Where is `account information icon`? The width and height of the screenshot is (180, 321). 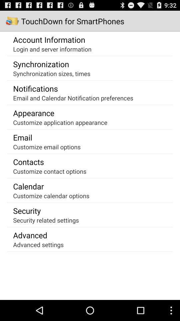
account information icon is located at coordinates (49, 39).